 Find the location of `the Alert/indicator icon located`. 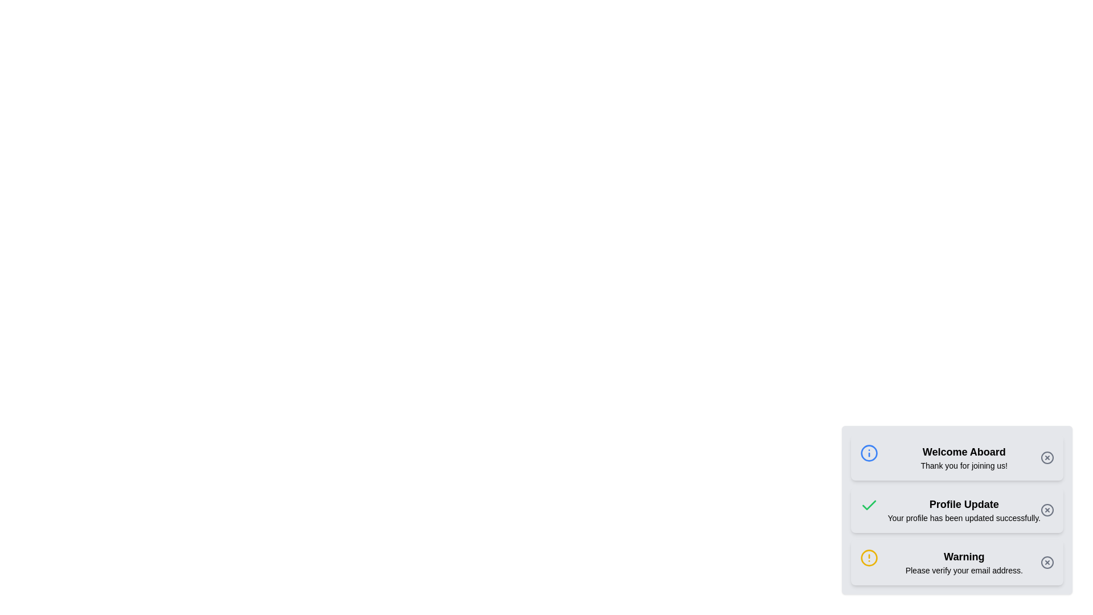

the Alert/indicator icon located is located at coordinates (869, 561).